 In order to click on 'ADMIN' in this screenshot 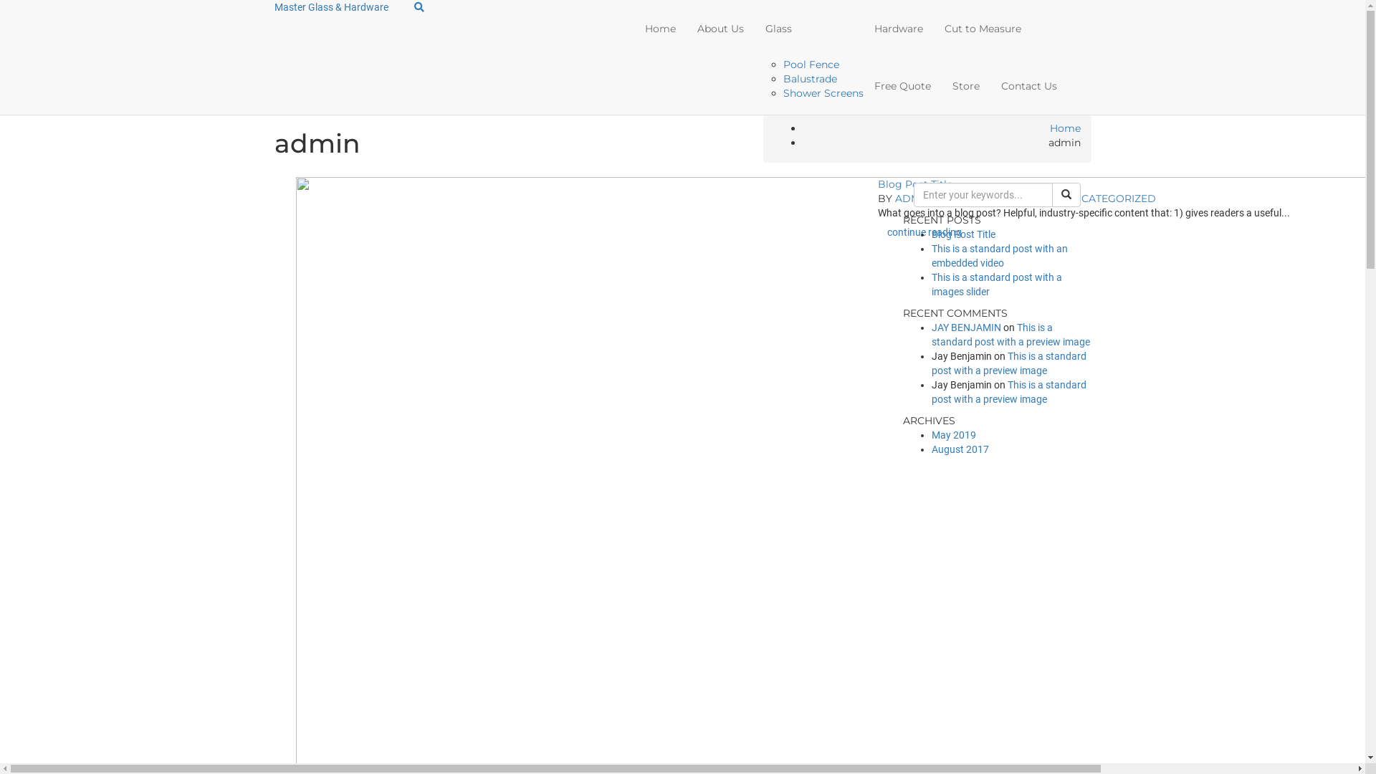, I will do `click(894, 199)`.